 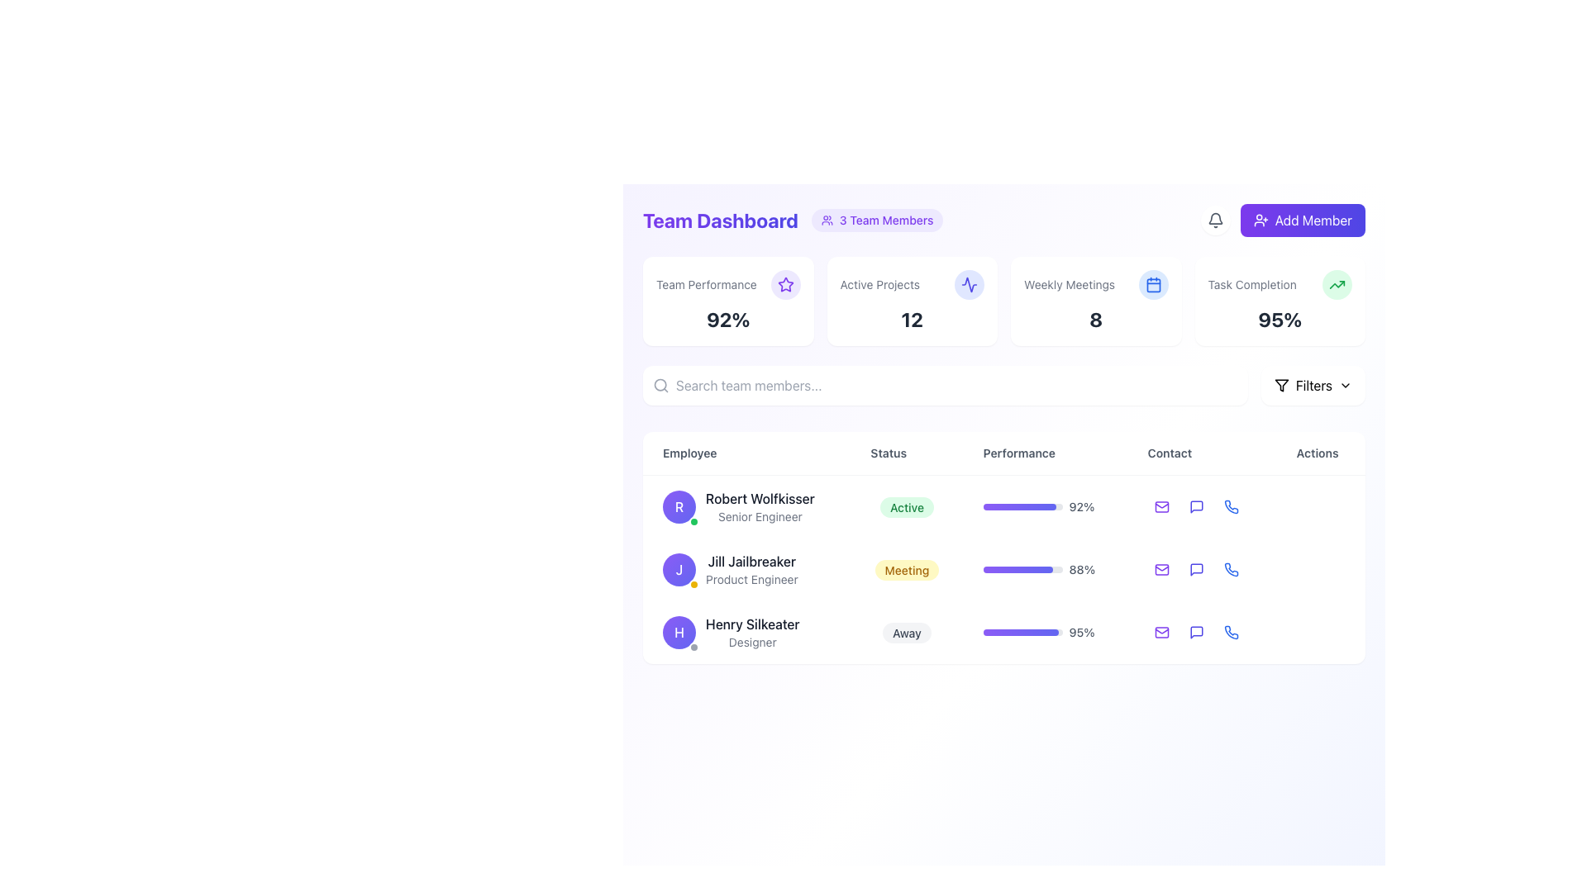 I want to click on the mail icon located in the 'Contact' column of the second row corresponding to 'Jill Jailbreaker', so click(x=1160, y=569).